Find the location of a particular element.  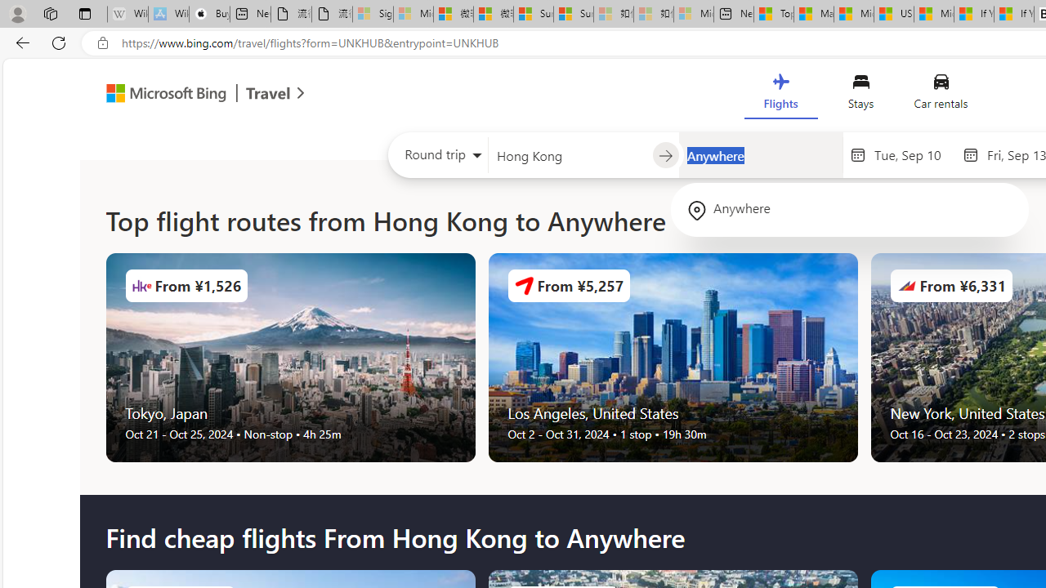

'Class: autosuggest-container full-height no-y-padding' is located at coordinates (759, 155).